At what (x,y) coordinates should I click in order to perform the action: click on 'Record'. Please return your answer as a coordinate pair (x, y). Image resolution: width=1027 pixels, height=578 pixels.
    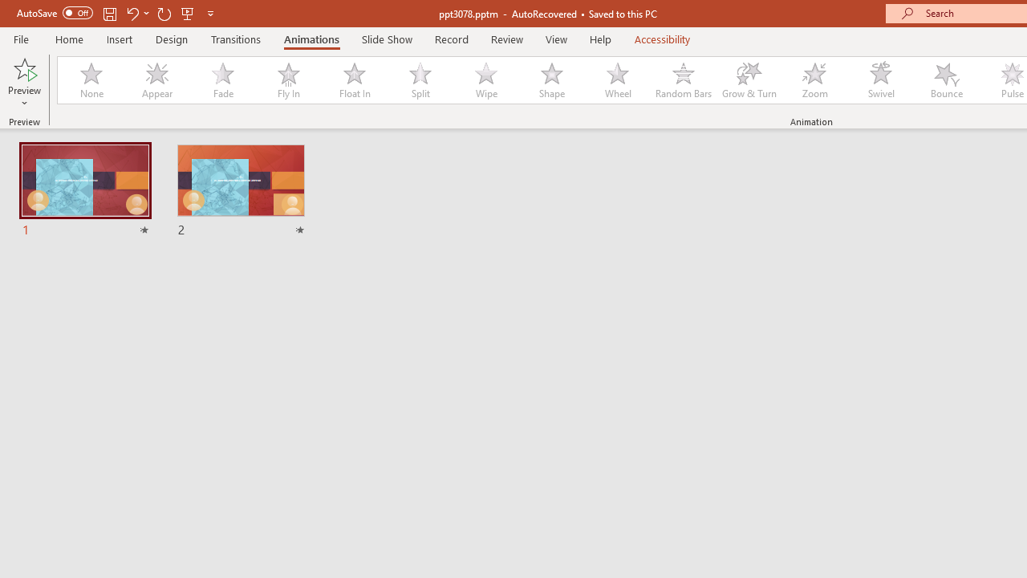
    Looking at the image, I should click on (450, 39).